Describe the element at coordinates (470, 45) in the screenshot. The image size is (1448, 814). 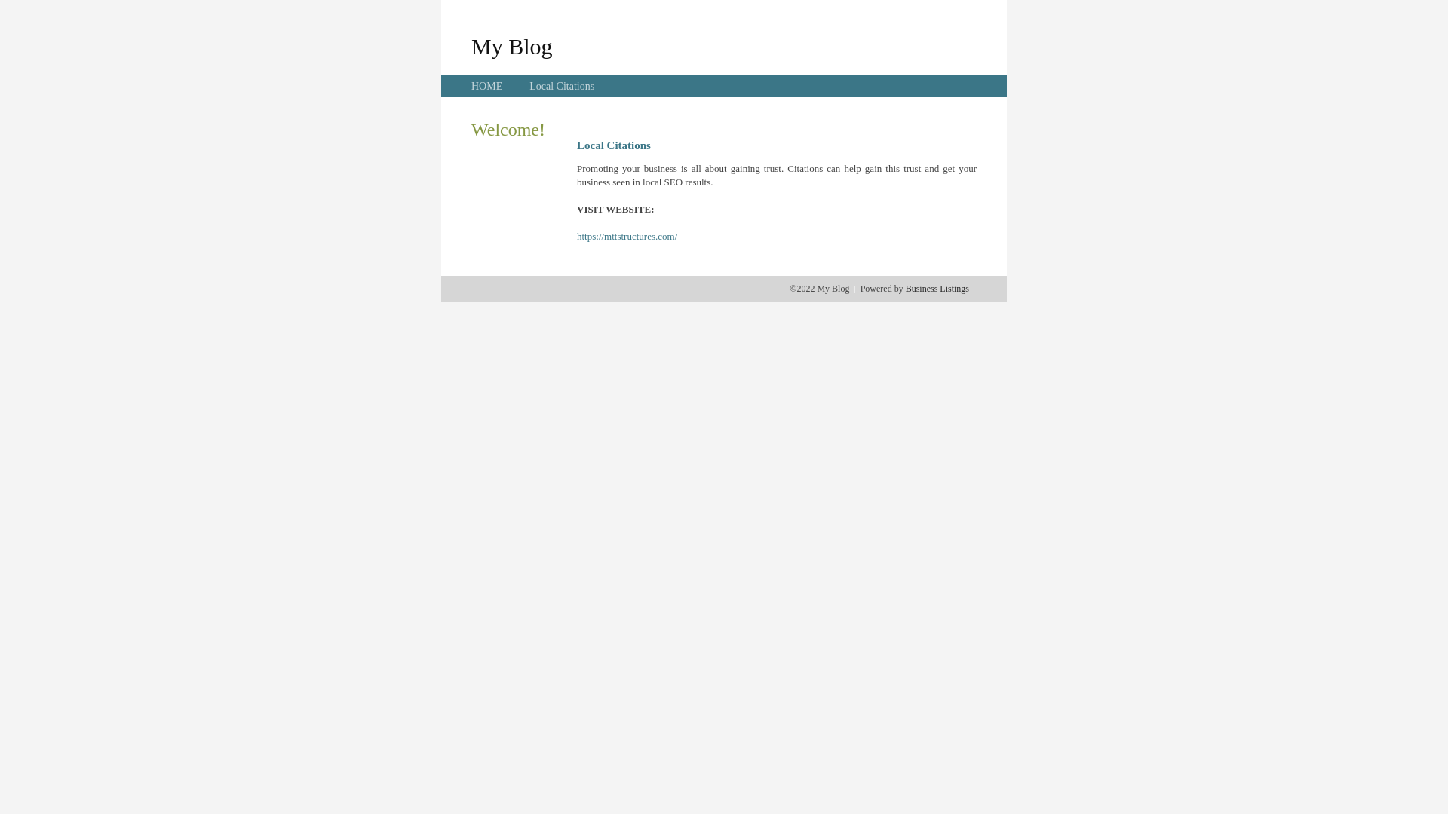
I see `'My Blog'` at that location.